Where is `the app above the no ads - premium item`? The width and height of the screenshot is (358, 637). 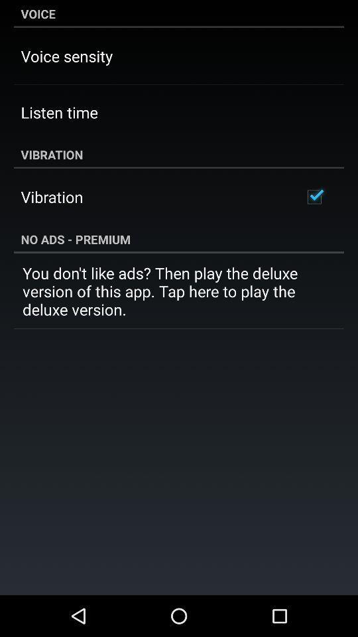 the app above the no ads - premium item is located at coordinates (314, 196).